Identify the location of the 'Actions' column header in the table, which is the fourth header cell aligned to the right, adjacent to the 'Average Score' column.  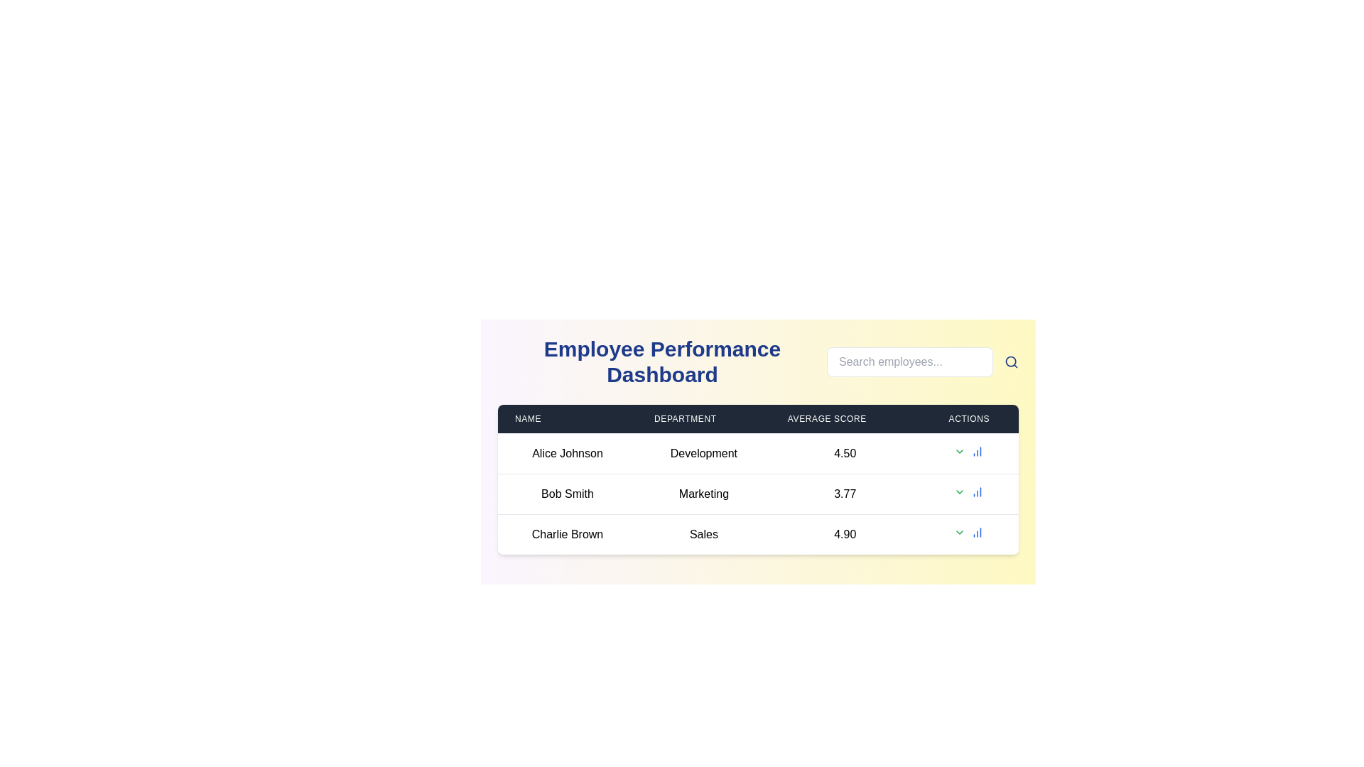
(968, 418).